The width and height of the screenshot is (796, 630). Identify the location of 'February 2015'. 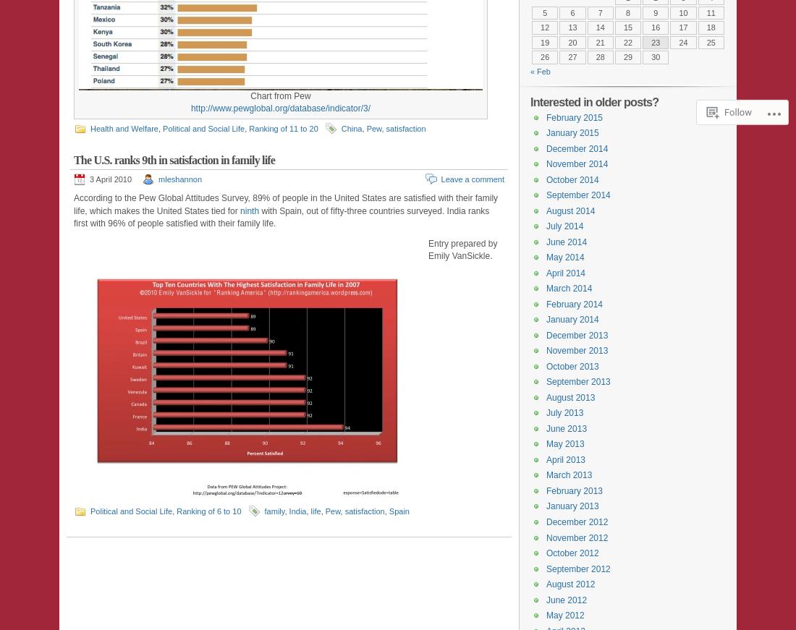
(574, 117).